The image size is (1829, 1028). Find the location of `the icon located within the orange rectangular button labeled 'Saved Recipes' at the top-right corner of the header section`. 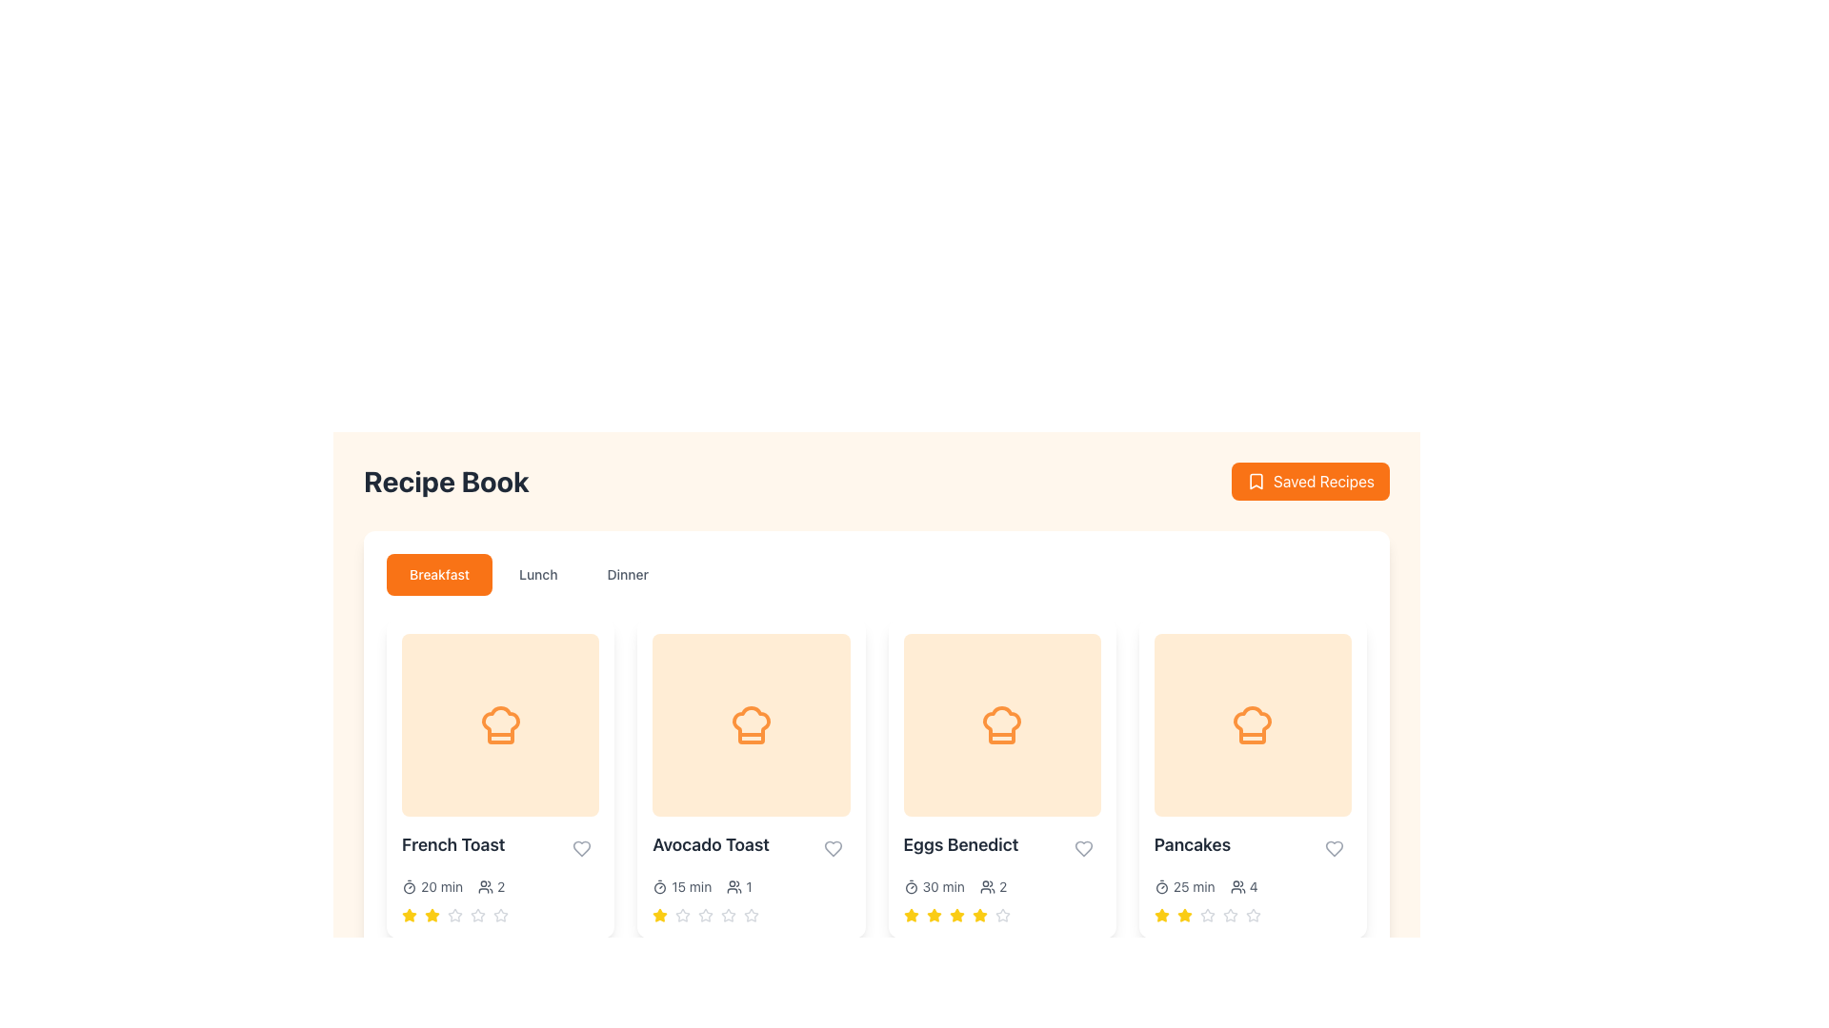

the icon located within the orange rectangular button labeled 'Saved Recipes' at the top-right corner of the header section is located at coordinates (1256, 480).